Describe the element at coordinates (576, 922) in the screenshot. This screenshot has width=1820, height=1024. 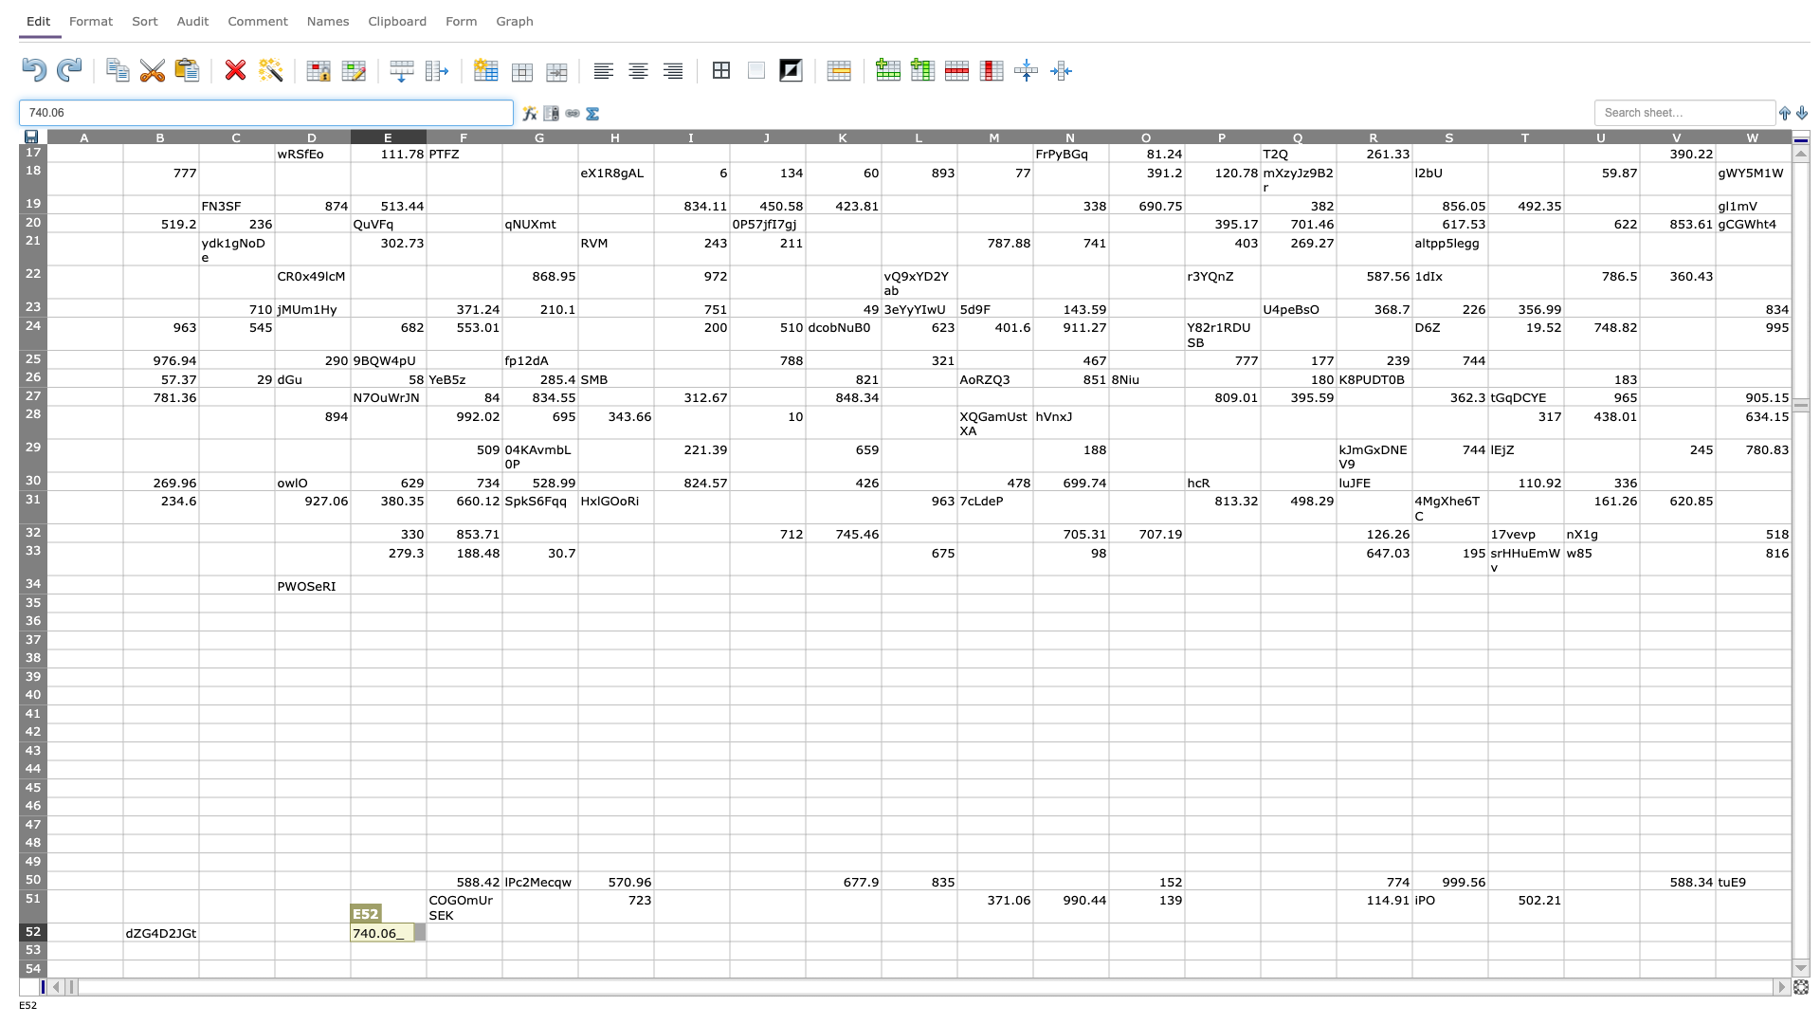
I see `Upper left of H52` at that location.